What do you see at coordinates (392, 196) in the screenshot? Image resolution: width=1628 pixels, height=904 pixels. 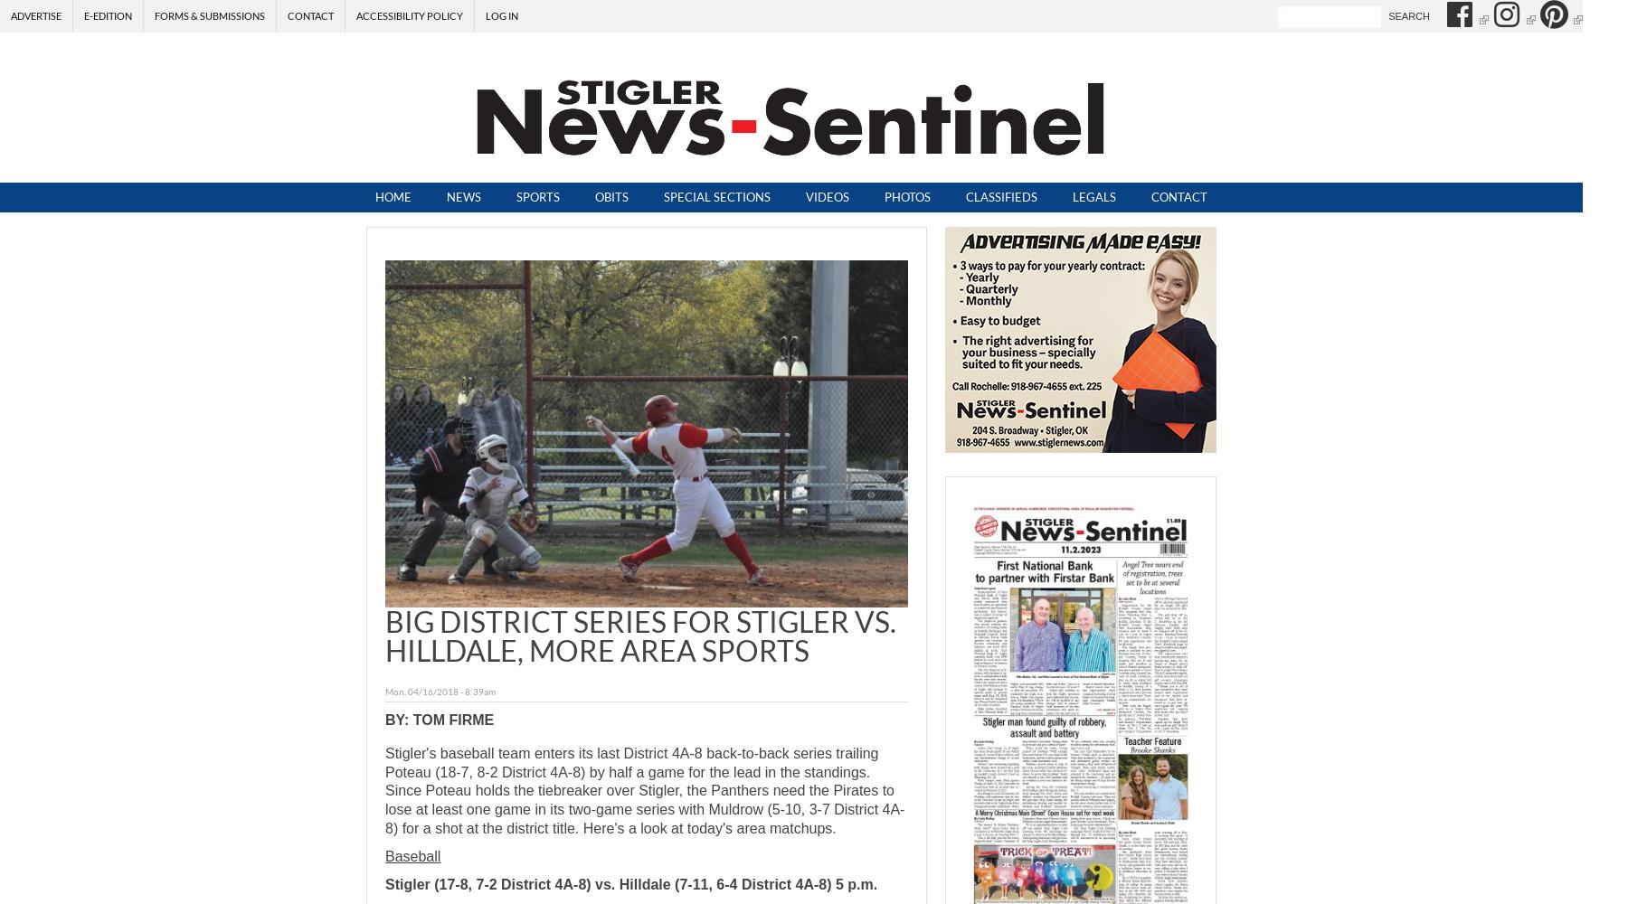 I see `'Home'` at bounding box center [392, 196].